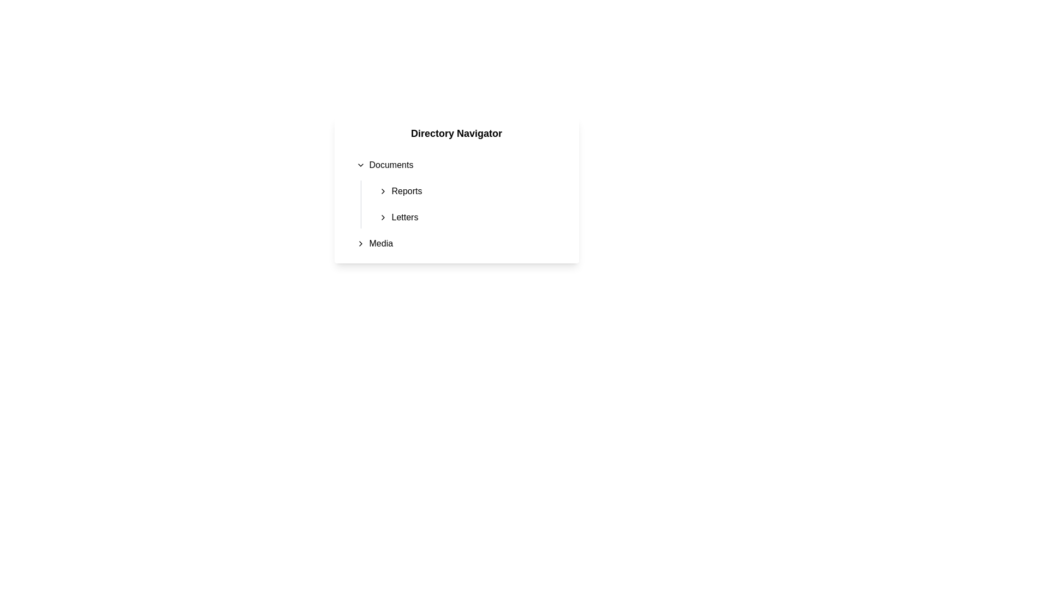 This screenshot has height=589, width=1048. Describe the element at coordinates (472, 191) in the screenshot. I see `the 'Reports' navigation item, which is the first item under the 'Documents' section in the navigation pane` at that location.